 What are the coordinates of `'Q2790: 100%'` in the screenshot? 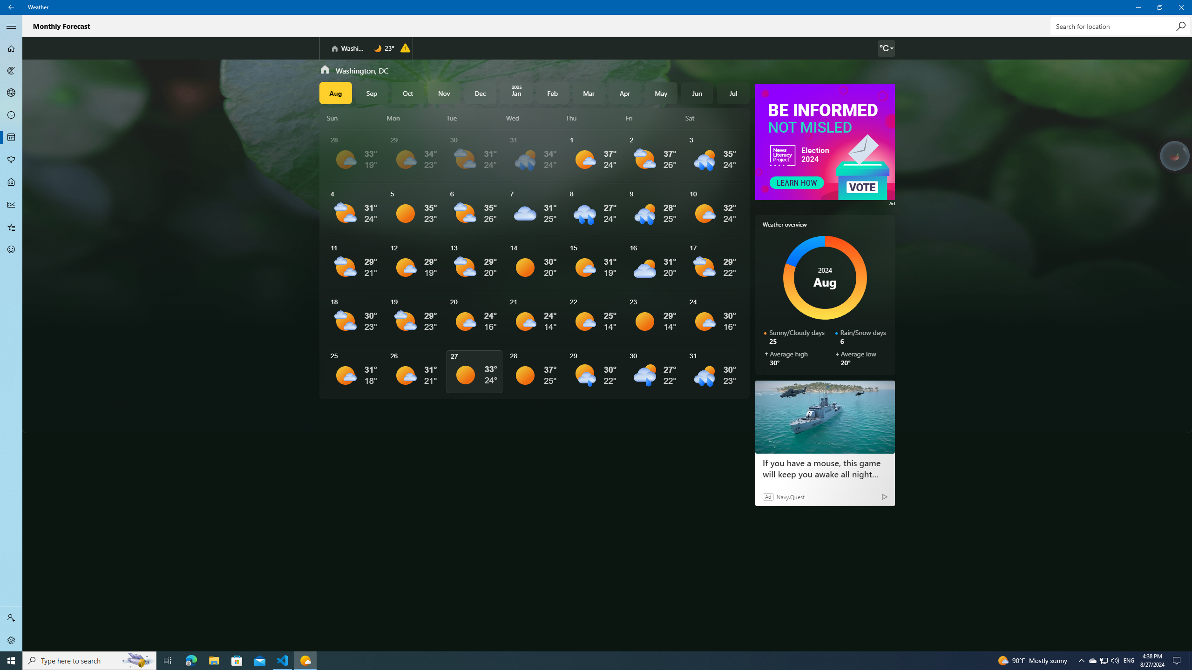 It's located at (1114, 660).